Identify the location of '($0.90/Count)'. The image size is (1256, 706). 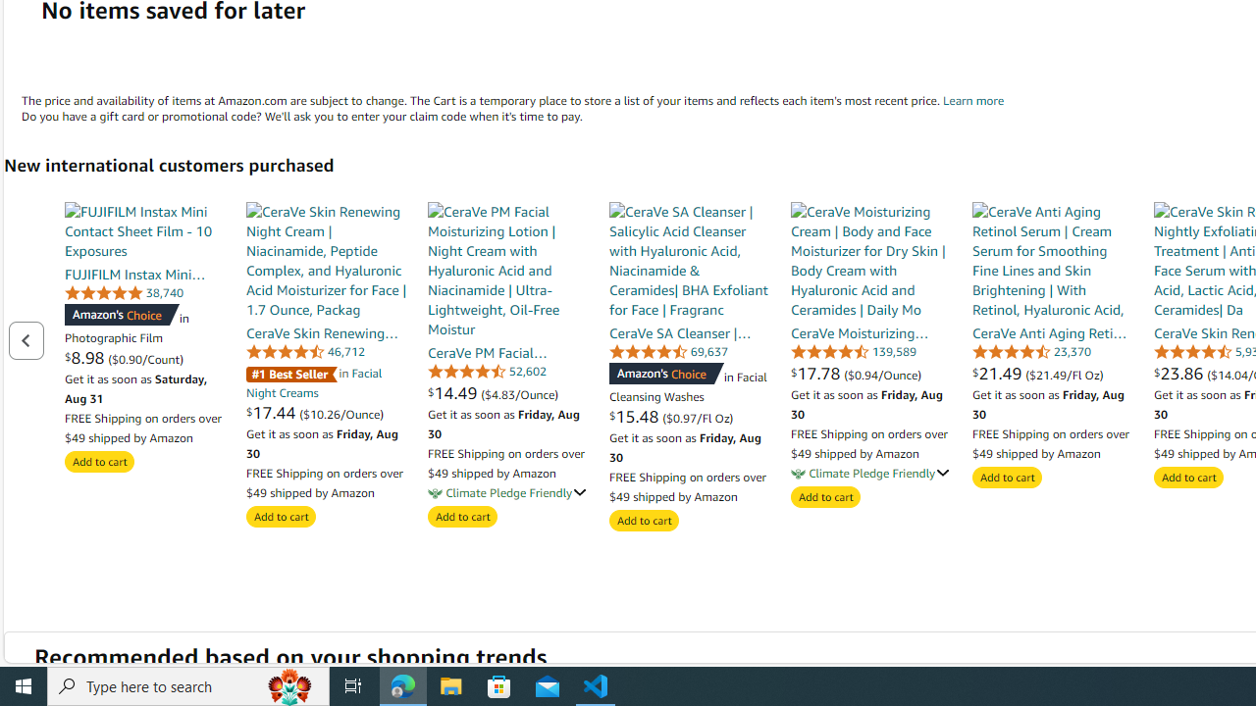
(144, 358).